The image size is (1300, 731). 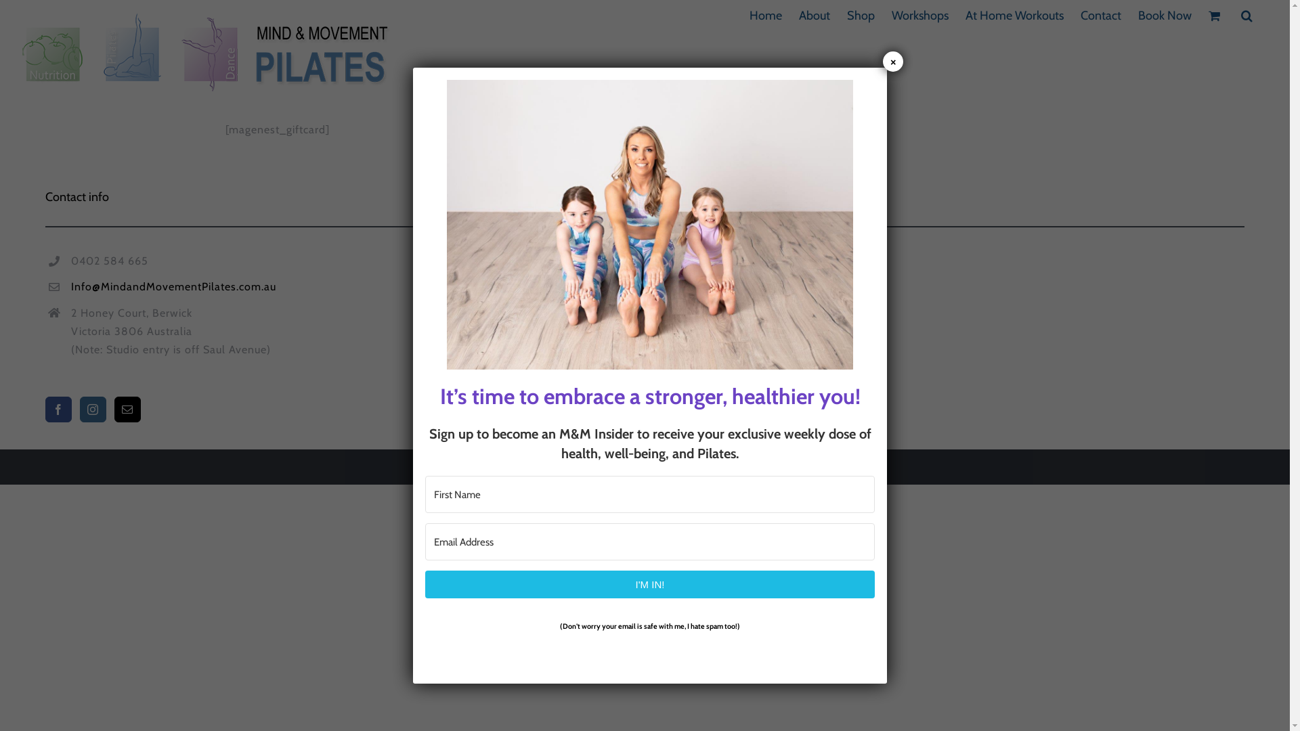 I want to click on 'Workshops', so click(x=919, y=15).